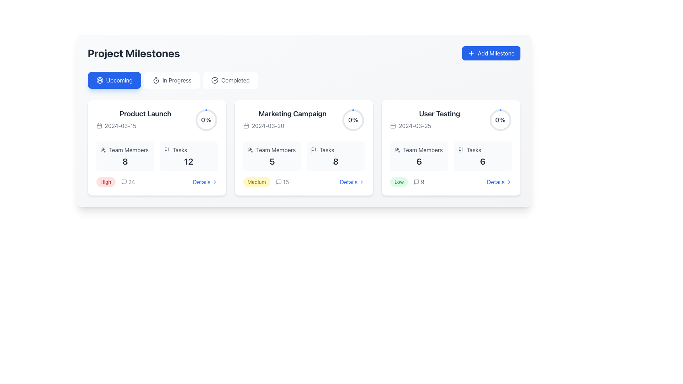 This screenshot has height=384, width=683. I want to click on displayed percentage value of the circular progress indicator, which is located in the top-right corner of the 'User Testing' card, showing '0%' in a bold font, so click(500, 120).